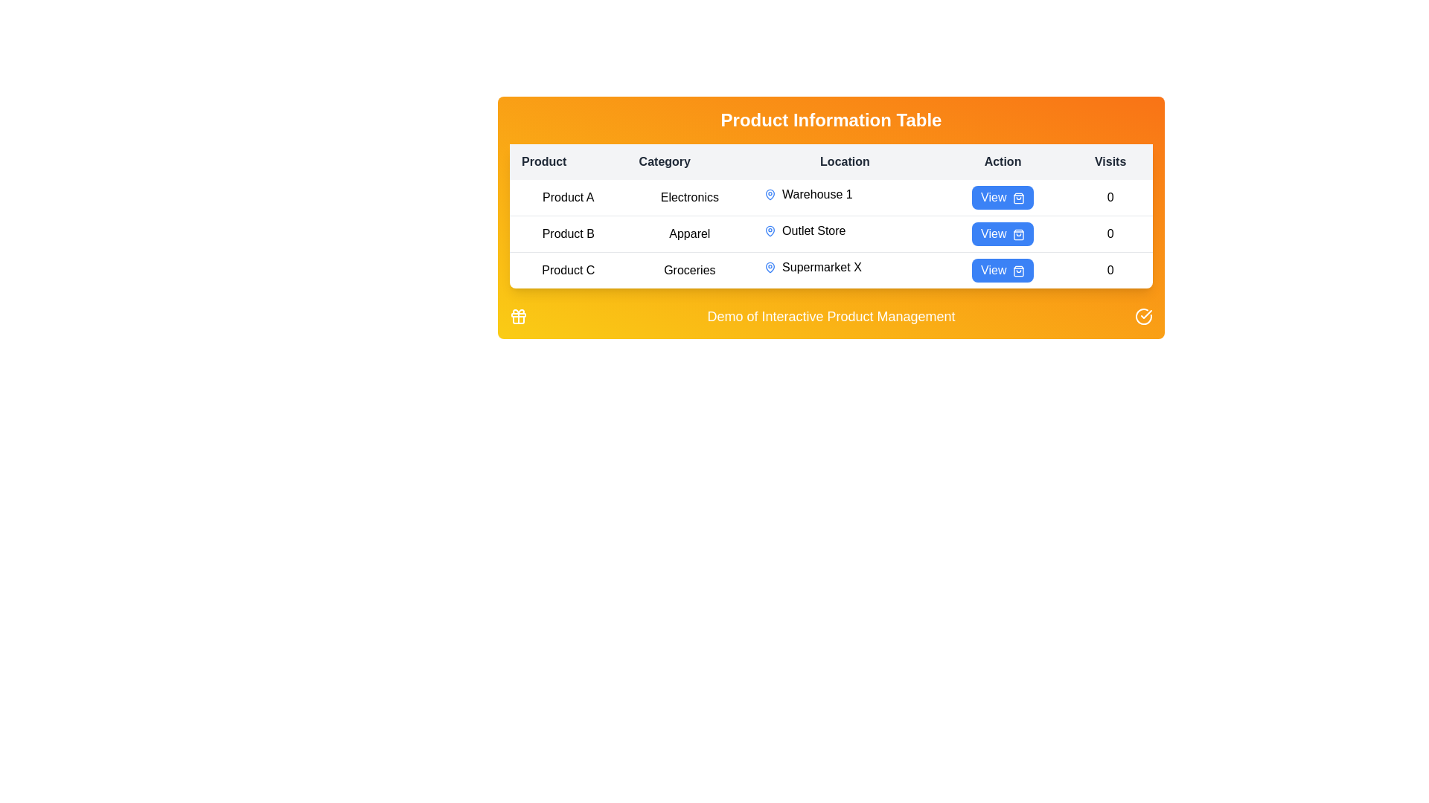  Describe the element at coordinates (845, 266) in the screenshot. I see `the text display indicating 'Supermarket X' in the third row of the 'Product Information Table'` at that location.